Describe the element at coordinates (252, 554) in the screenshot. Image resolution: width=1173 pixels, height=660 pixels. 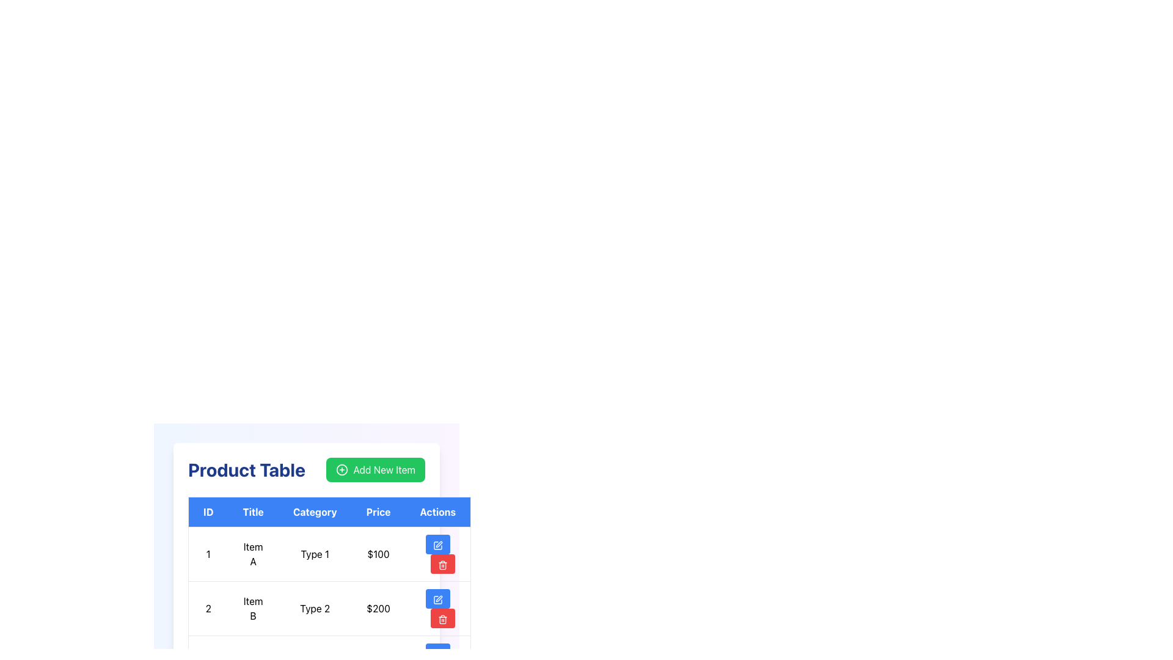
I see `on the table cell displaying the title 'Item A' in the second column of the first row of the product listing` at that location.